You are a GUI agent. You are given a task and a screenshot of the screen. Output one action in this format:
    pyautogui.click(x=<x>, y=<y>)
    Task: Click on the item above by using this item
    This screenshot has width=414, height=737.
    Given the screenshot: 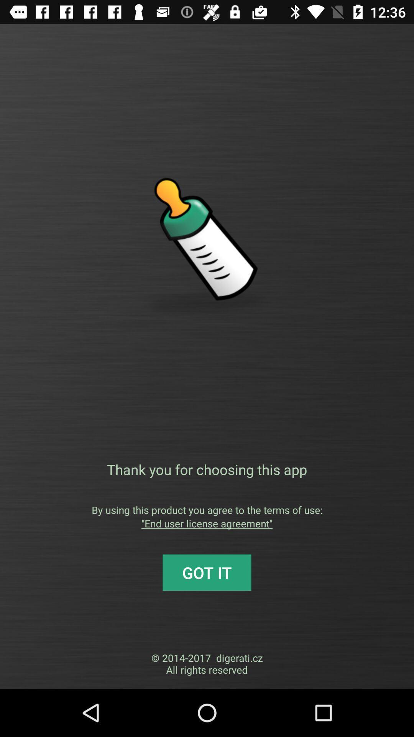 What is the action you would take?
    pyautogui.click(x=207, y=469)
    